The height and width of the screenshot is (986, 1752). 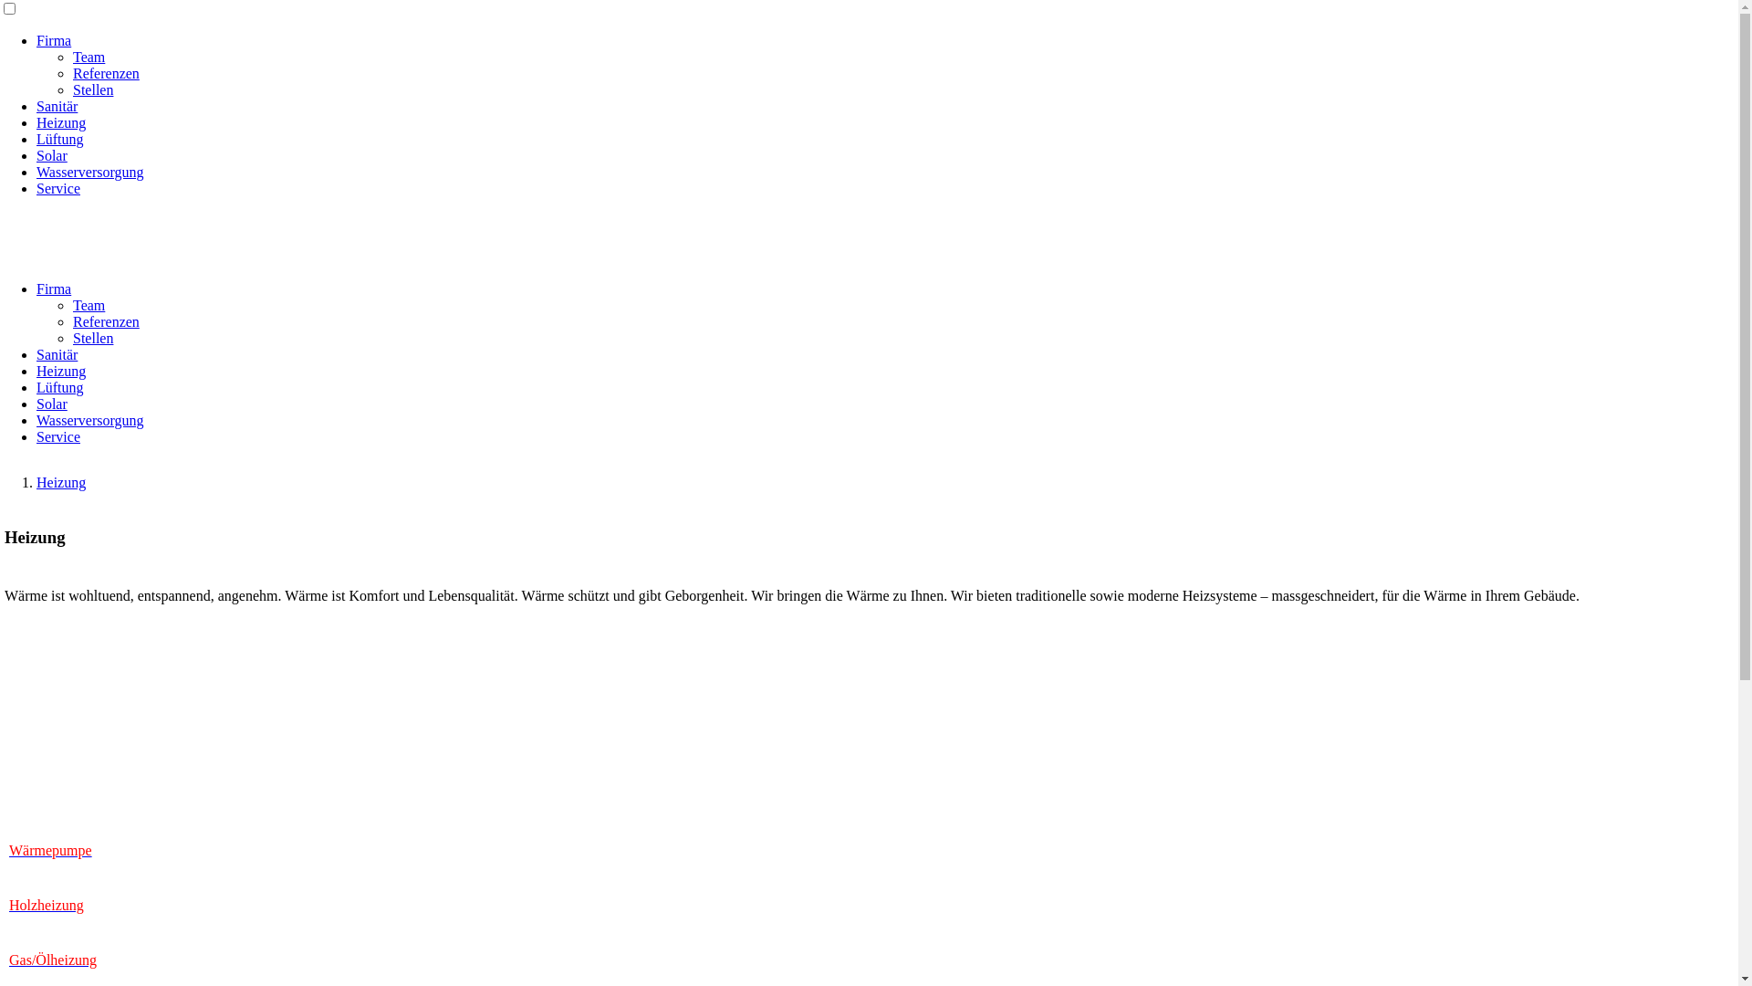 I want to click on 'Team', so click(x=88, y=56).